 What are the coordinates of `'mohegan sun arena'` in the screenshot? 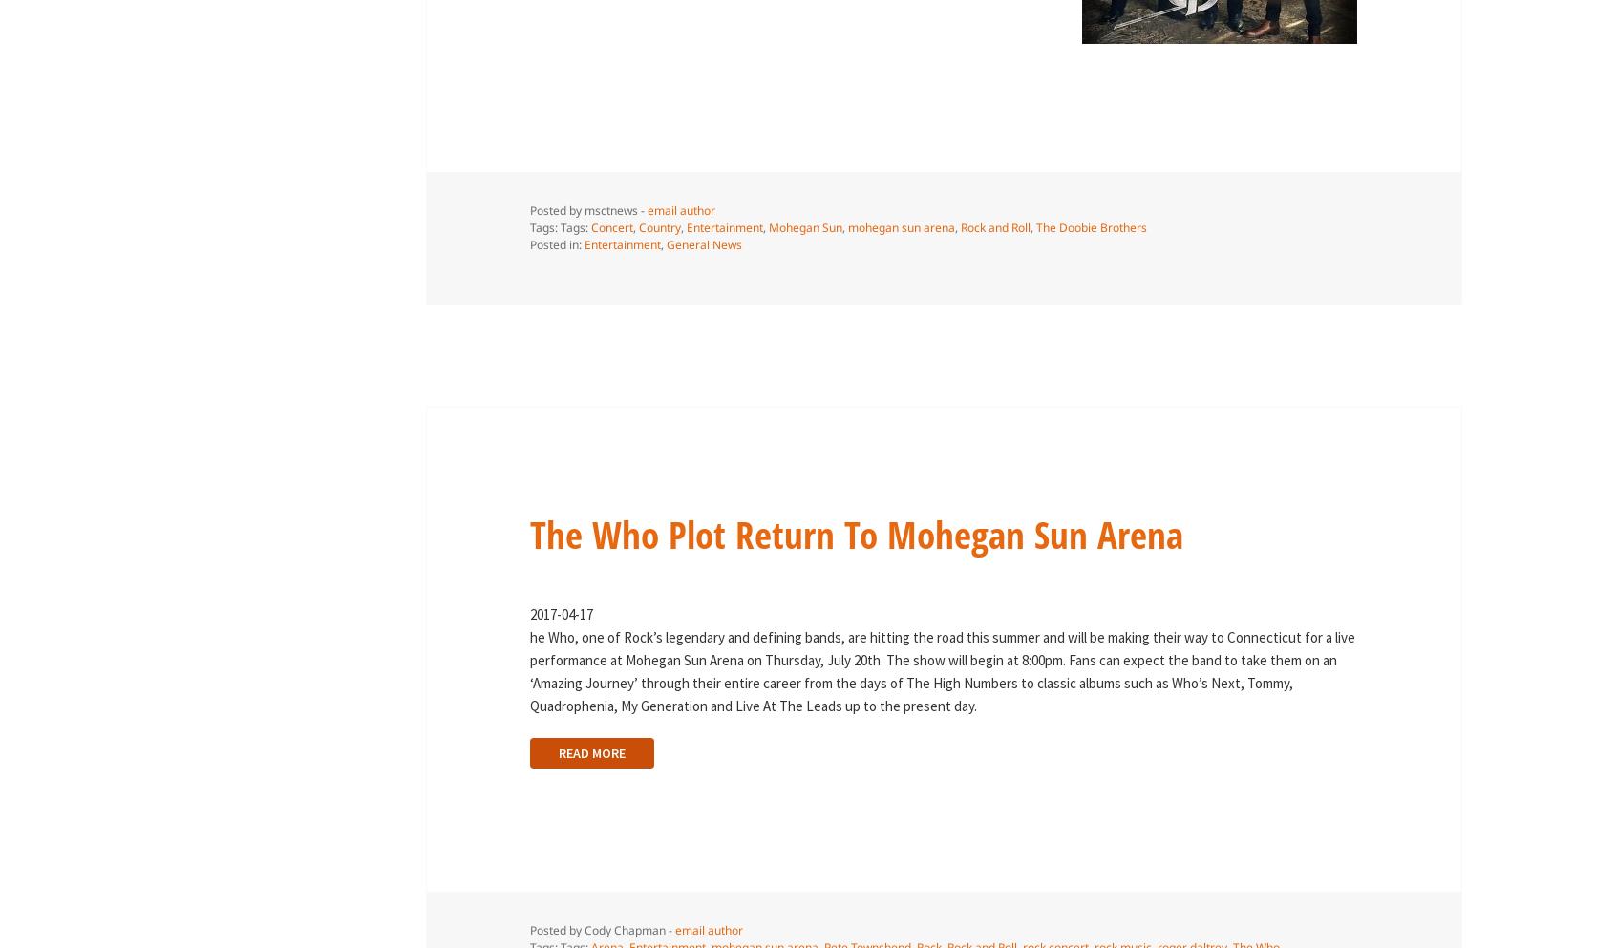 It's located at (900, 226).